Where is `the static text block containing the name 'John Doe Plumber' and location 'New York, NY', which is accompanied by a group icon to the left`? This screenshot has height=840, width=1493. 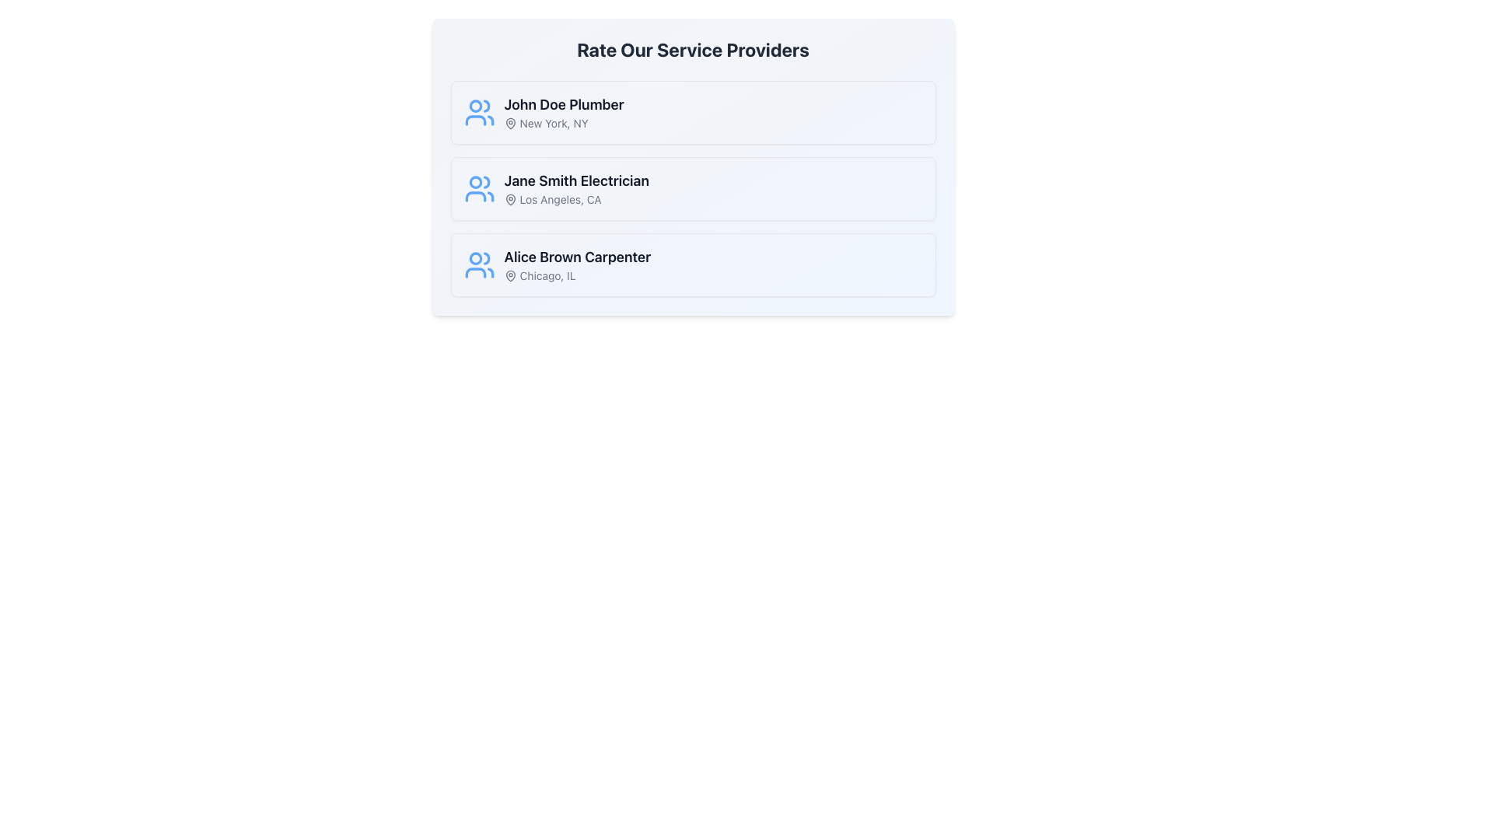 the static text block containing the name 'John Doe Plumber' and location 'New York, NY', which is accompanied by a group icon to the left is located at coordinates (544, 112).